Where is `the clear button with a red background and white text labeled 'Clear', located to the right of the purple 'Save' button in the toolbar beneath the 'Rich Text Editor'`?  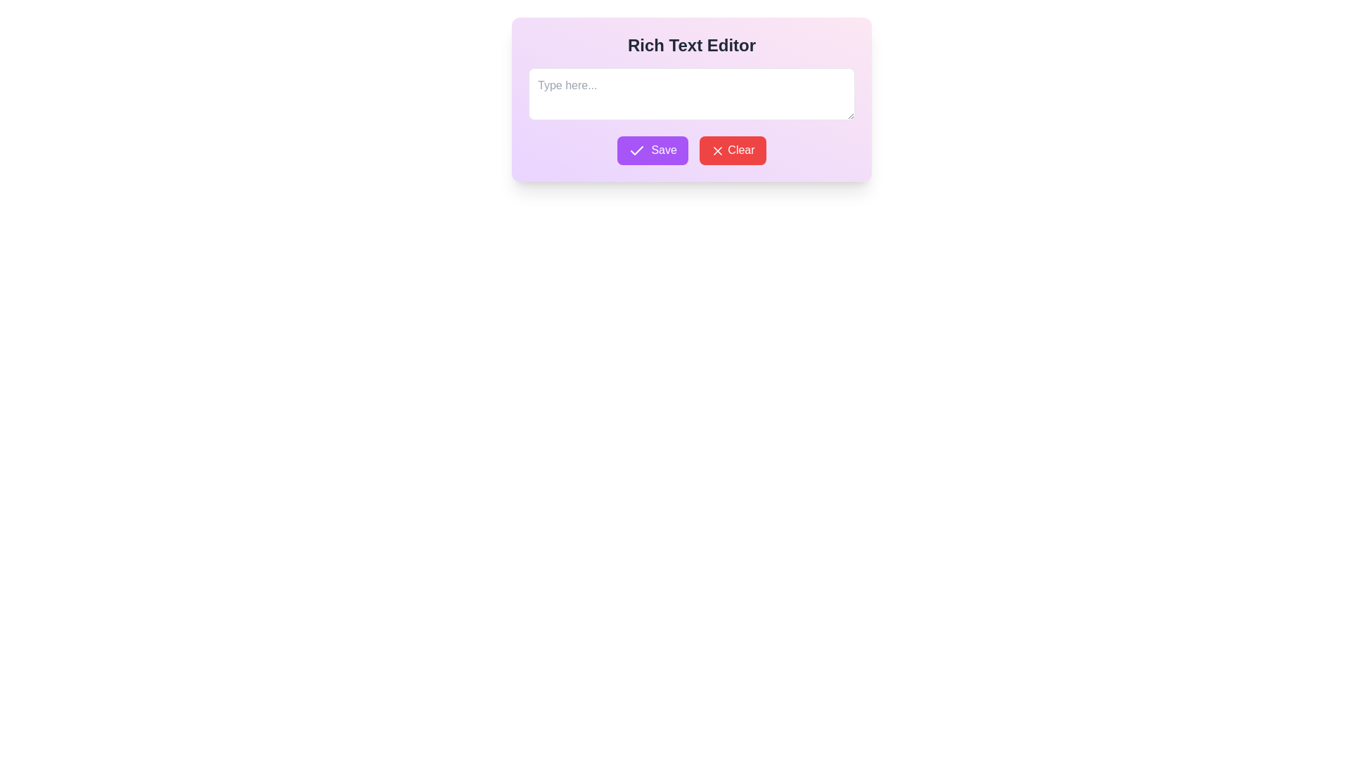 the clear button with a red background and white text labeled 'Clear', located to the right of the purple 'Save' button in the toolbar beneath the 'Rich Text Editor' is located at coordinates (717, 151).